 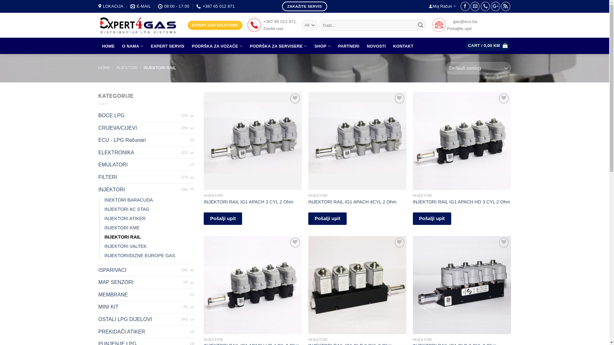 I want to click on 'EMULATORI', so click(x=144, y=165).